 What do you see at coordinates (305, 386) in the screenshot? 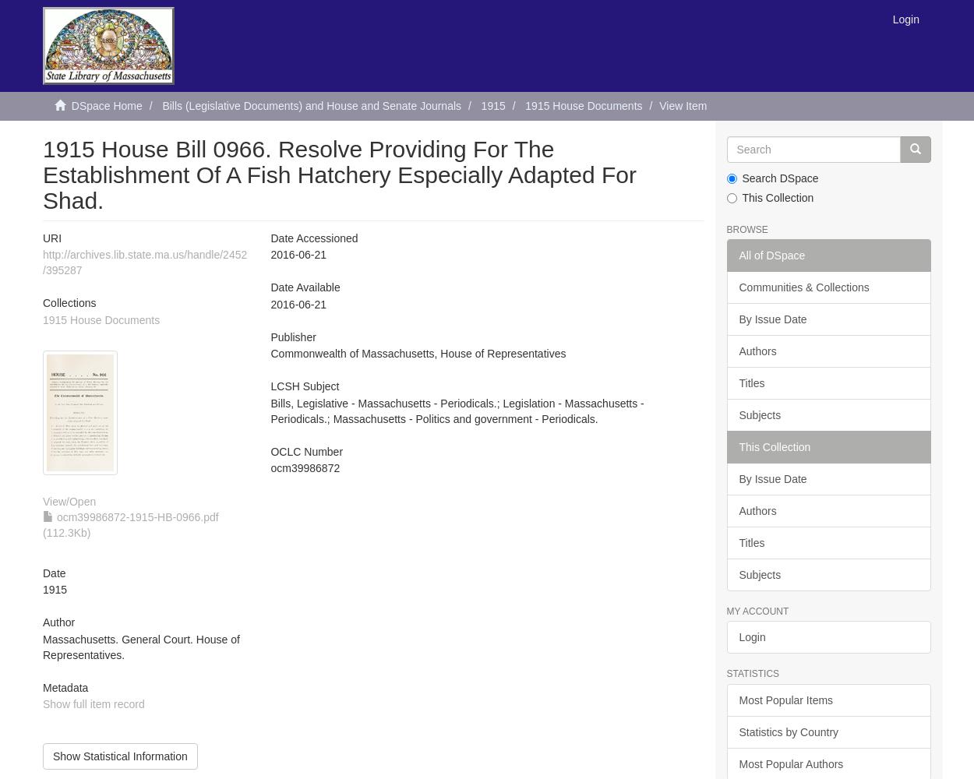
I see `'LCSH Subject'` at bounding box center [305, 386].